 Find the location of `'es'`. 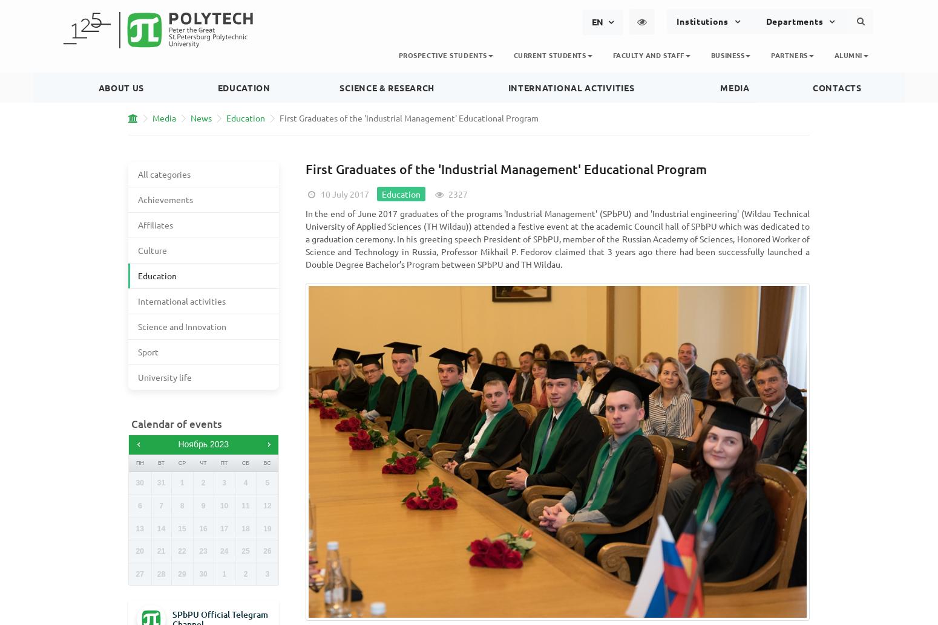

'es' is located at coordinates (595, 105).